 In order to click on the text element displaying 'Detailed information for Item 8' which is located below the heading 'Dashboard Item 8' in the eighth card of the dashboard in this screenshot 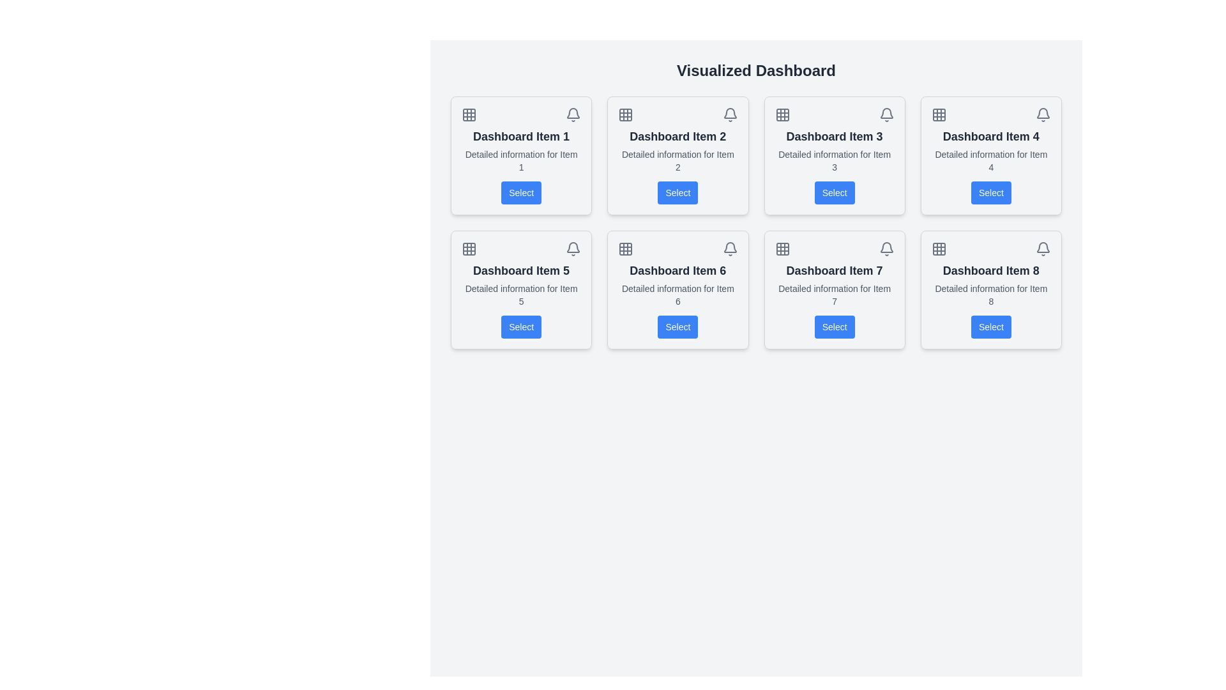, I will do `click(990, 295)`.